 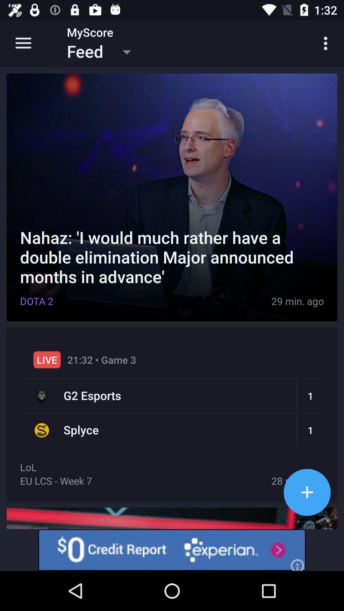 What do you see at coordinates (307, 492) in the screenshot?
I see `new` at bounding box center [307, 492].